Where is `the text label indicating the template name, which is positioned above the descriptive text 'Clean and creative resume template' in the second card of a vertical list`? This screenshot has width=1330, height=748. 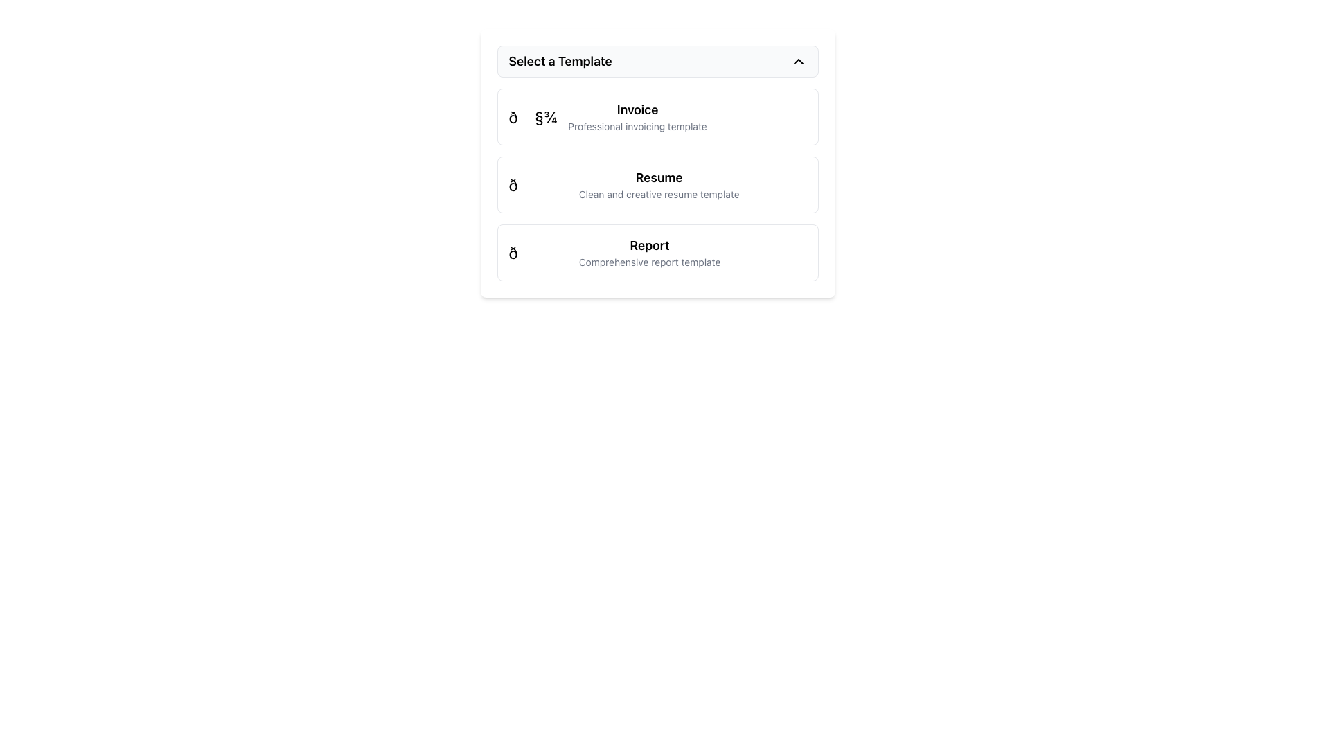
the text label indicating the template name, which is positioned above the descriptive text 'Clean and creative resume template' in the second card of a vertical list is located at coordinates (658, 177).